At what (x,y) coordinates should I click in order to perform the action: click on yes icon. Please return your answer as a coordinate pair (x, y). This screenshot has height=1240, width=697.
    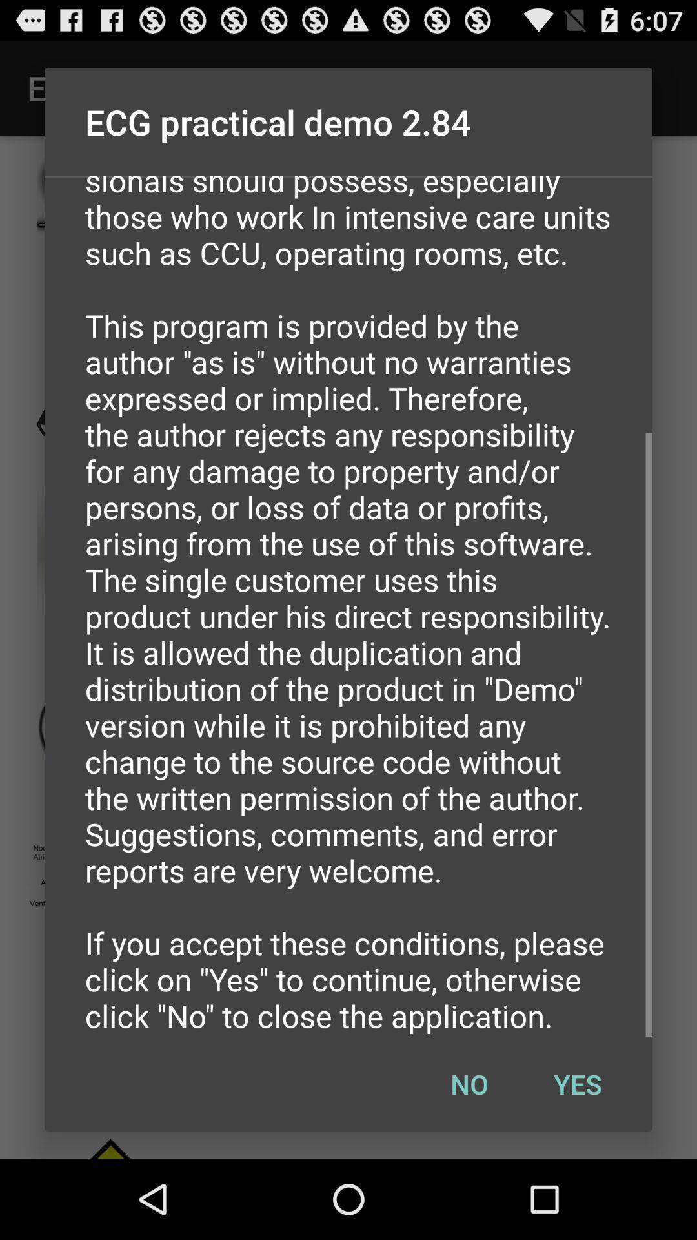
    Looking at the image, I should click on (577, 1084).